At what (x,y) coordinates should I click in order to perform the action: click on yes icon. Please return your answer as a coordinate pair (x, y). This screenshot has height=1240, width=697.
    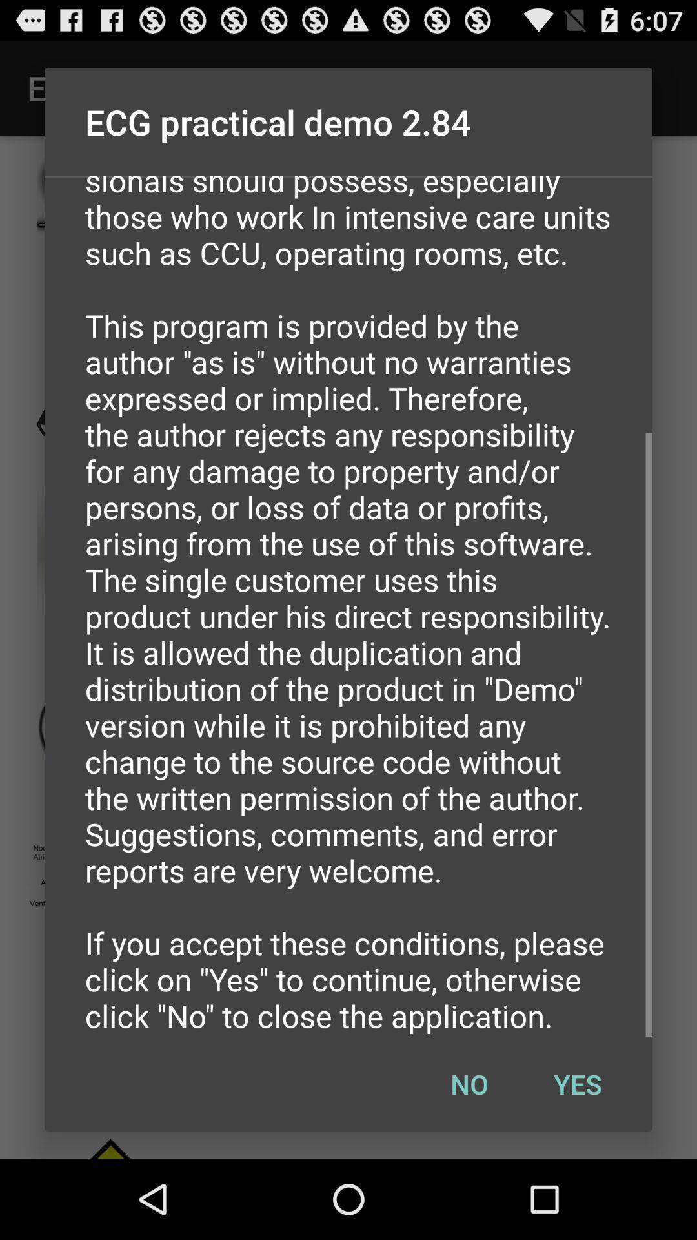
    Looking at the image, I should click on (577, 1084).